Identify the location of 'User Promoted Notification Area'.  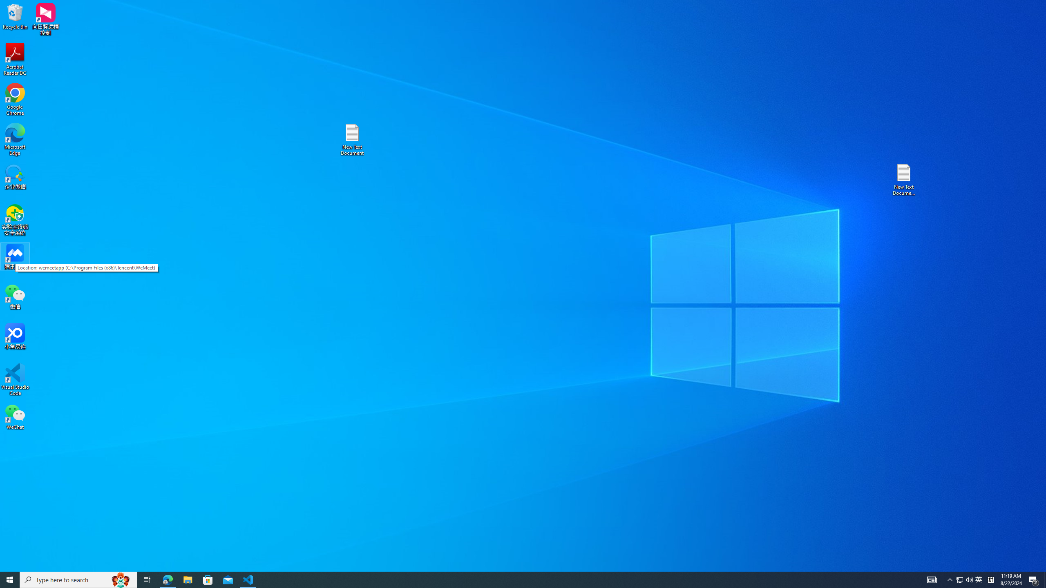
(964, 579).